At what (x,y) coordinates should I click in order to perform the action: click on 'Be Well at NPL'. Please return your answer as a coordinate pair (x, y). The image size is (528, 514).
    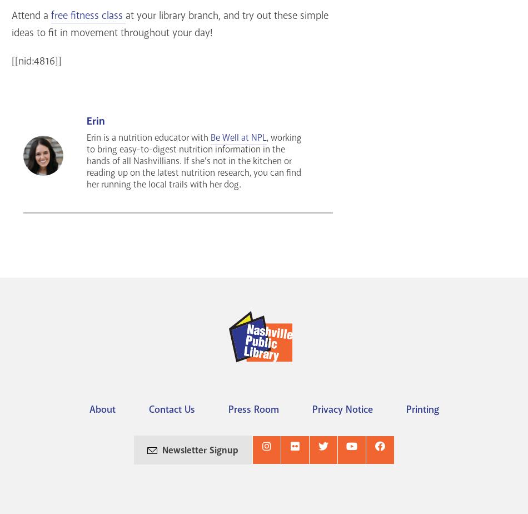
    Looking at the image, I should click on (210, 137).